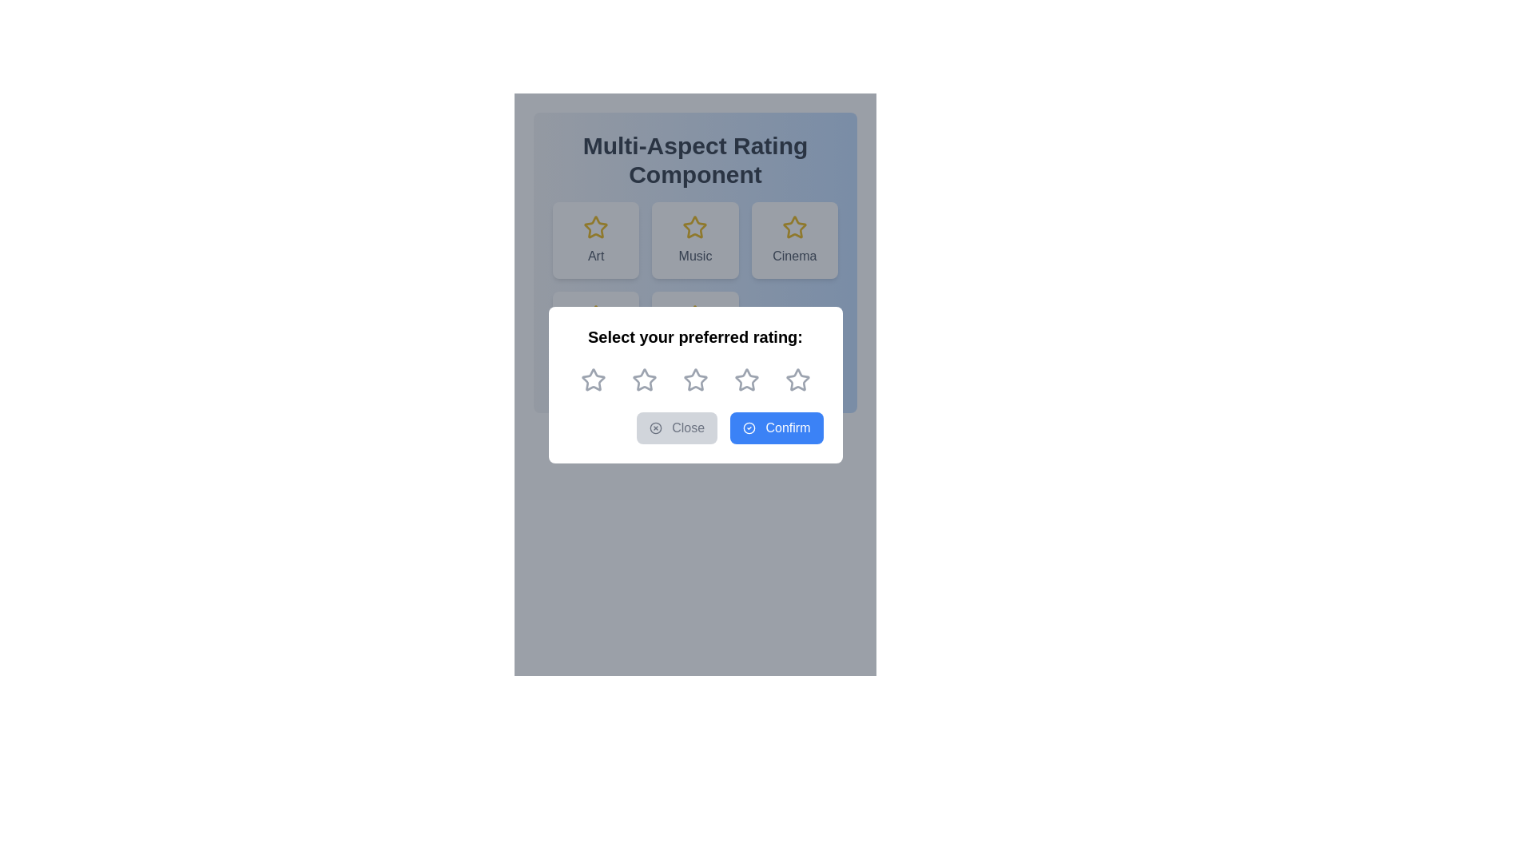 The width and height of the screenshot is (1534, 863). I want to click on the second star icon in the rating system interface, so click(644, 380).